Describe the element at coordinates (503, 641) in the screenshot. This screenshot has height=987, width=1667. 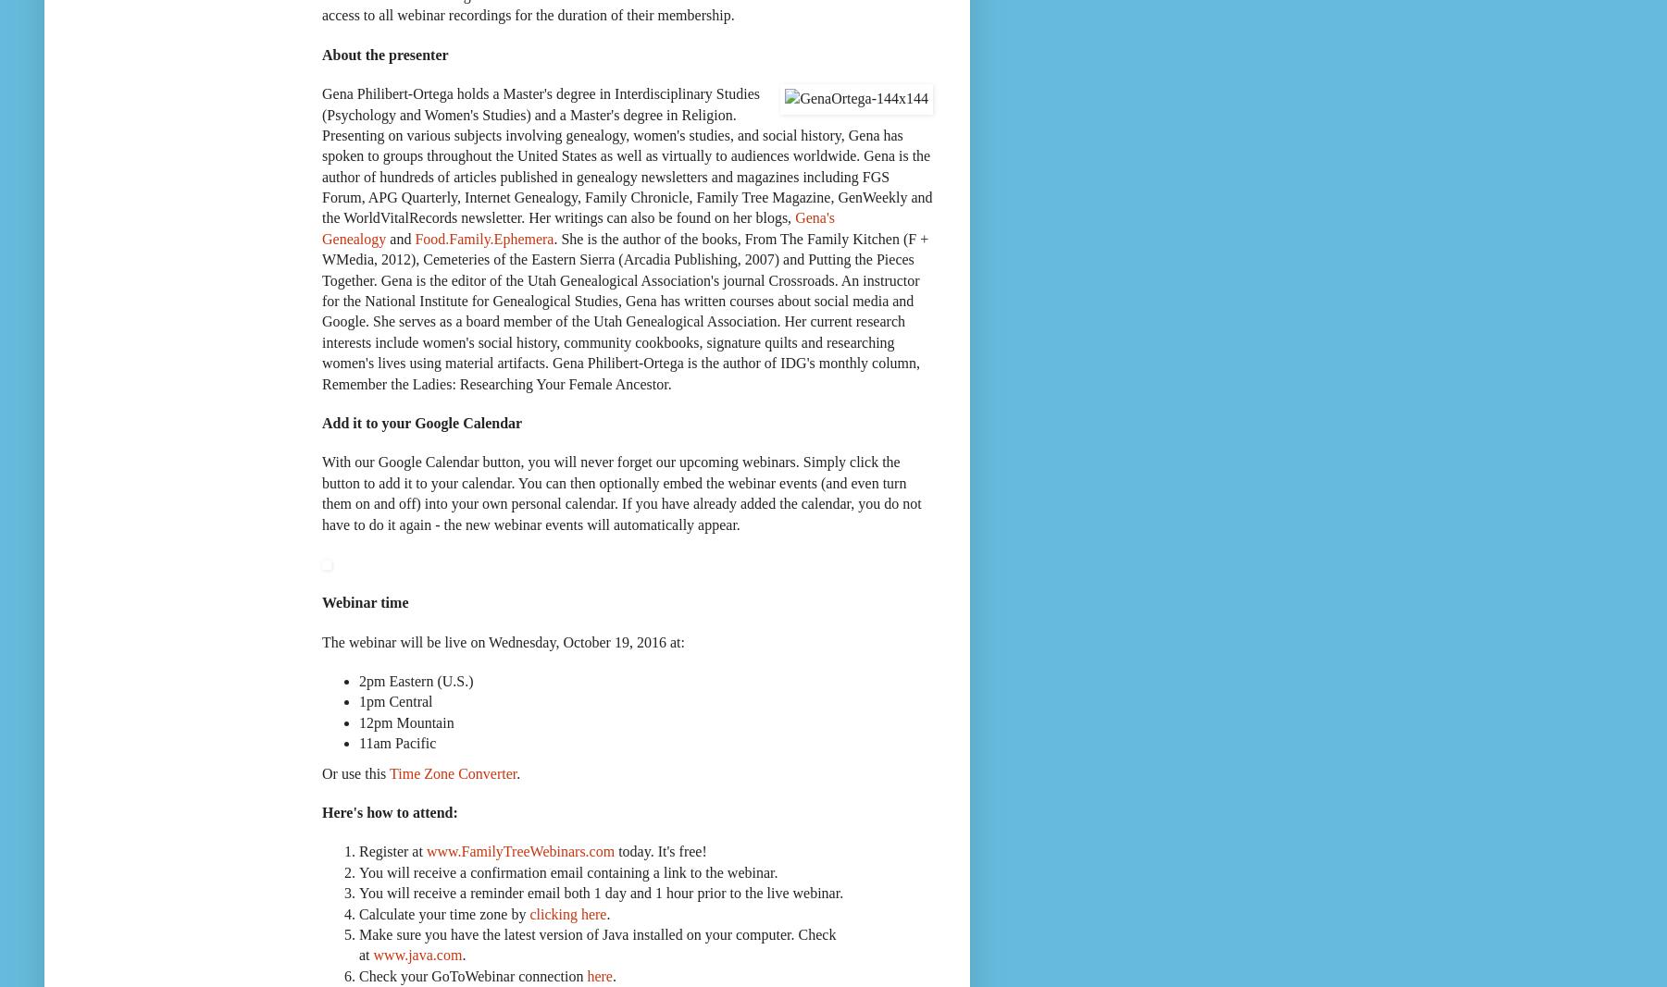
I see `'The webinar will be live on Wednesday, October 19, 2016 at:'` at that location.